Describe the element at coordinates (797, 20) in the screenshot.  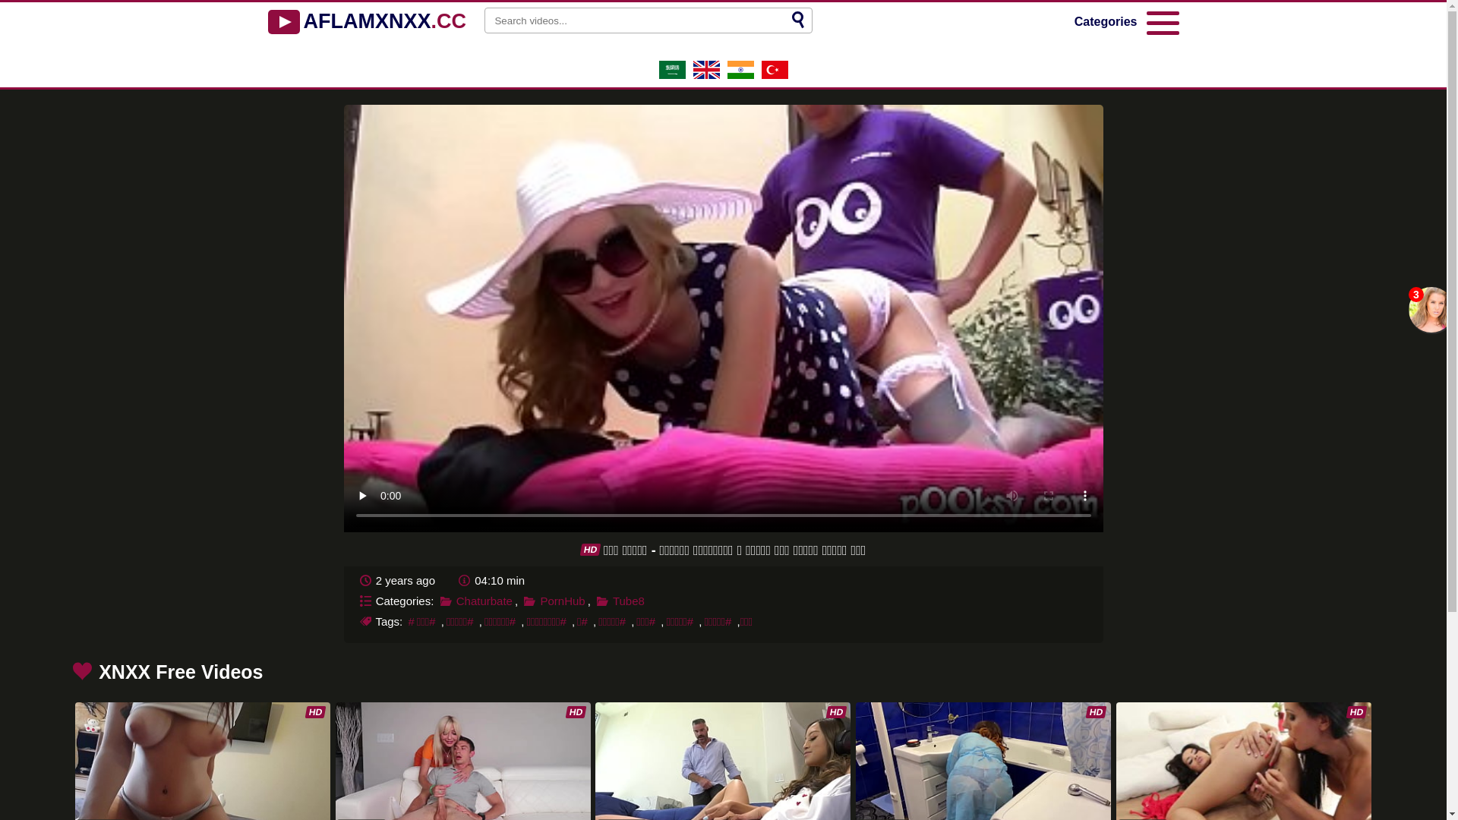
I see `'Search'` at that location.